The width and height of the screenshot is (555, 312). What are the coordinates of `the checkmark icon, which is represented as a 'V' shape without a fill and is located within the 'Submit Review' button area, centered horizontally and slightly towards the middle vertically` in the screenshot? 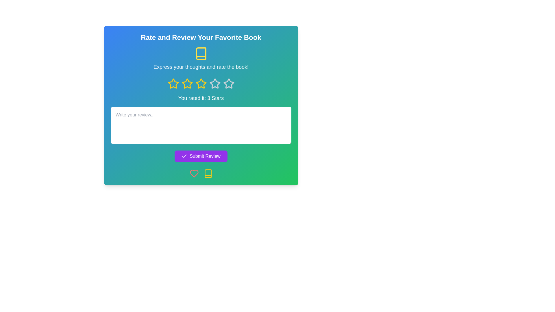 It's located at (184, 156).